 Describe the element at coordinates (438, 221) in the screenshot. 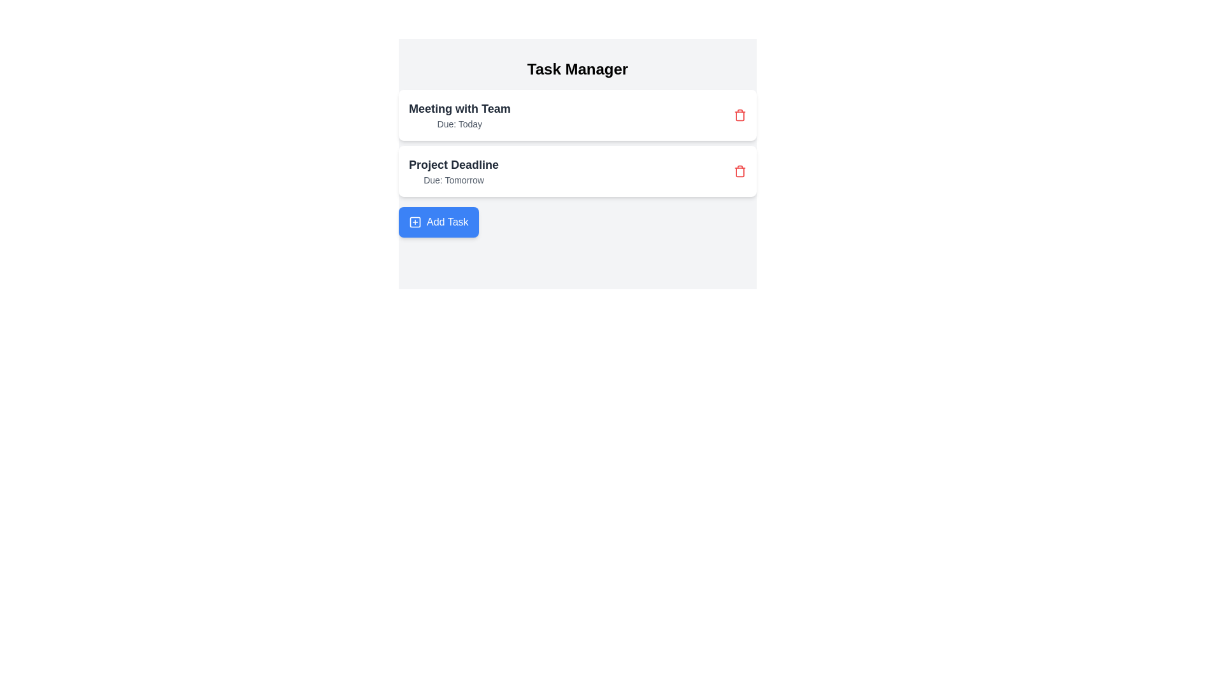

I see `the 'Add Task' button, which is a rectangular button with rounded corners, a vivid blue background, white text, and a white icon depicting a square with a plus sign` at that location.